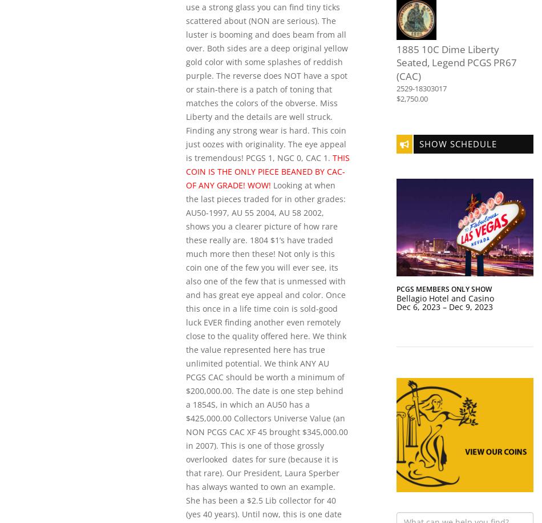 Image resolution: width=542 pixels, height=523 pixels. What do you see at coordinates (392, 14) in the screenshot?
I see `'NEWPS'` at bounding box center [392, 14].